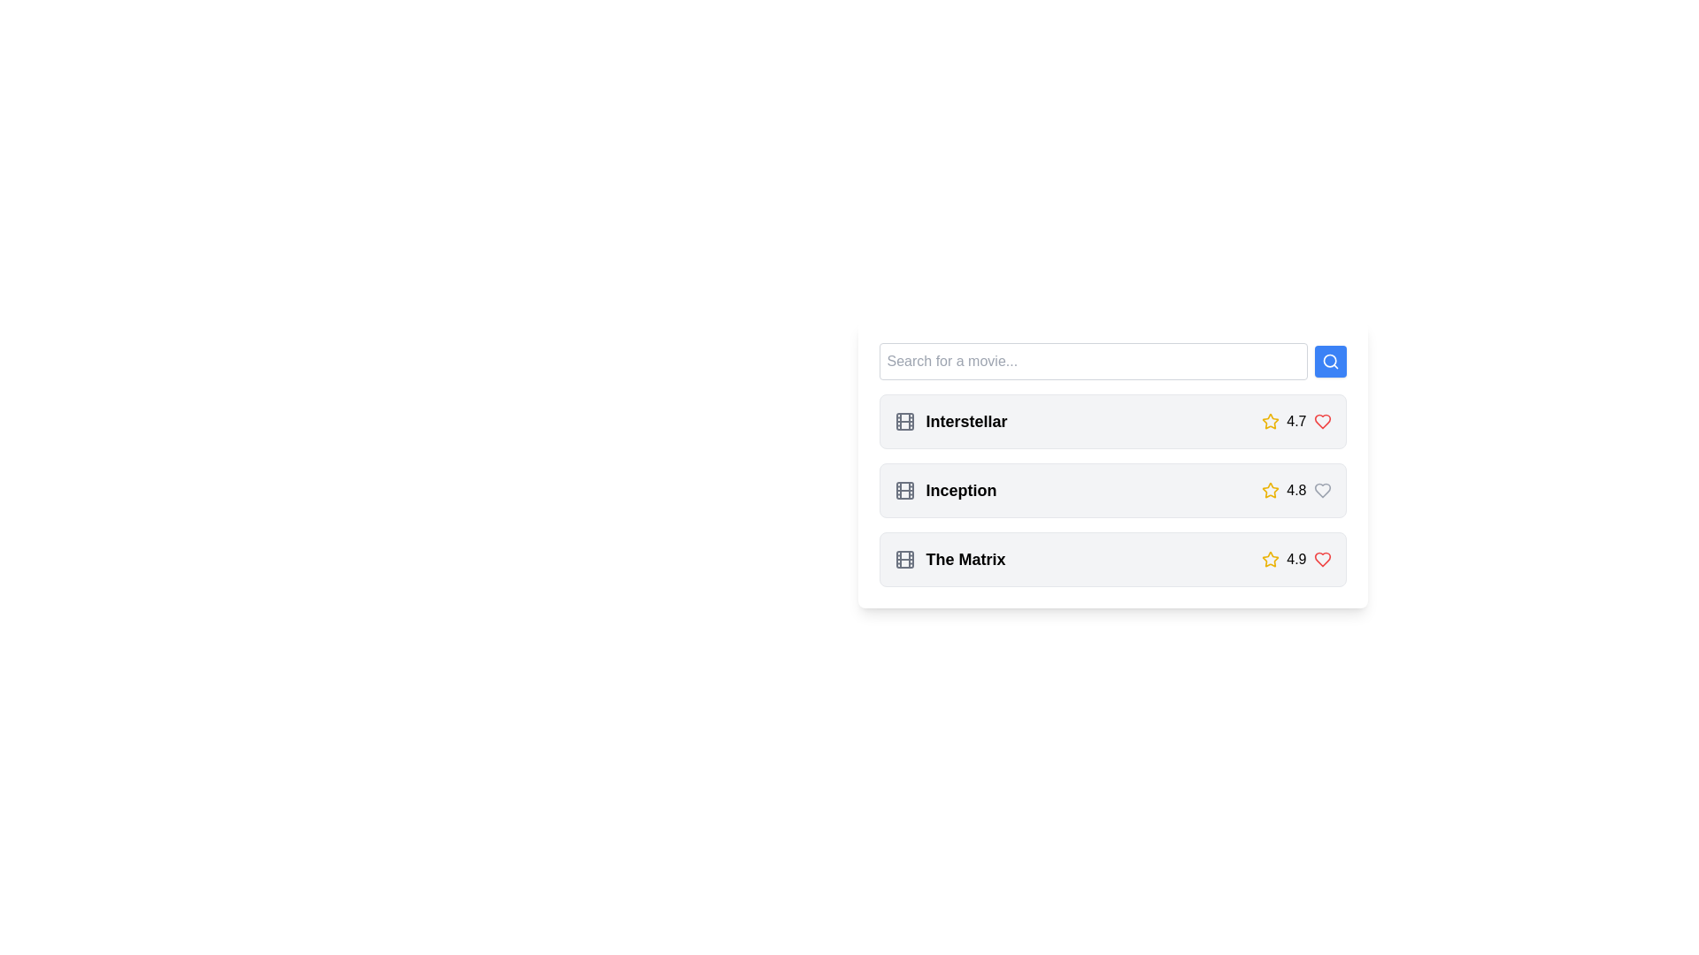 This screenshot has width=1699, height=955. What do you see at coordinates (1111, 360) in the screenshot?
I see `the text input field of the search bar that has a placeholder text 'Search for a movie...' to start typing` at bounding box center [1111, 360].